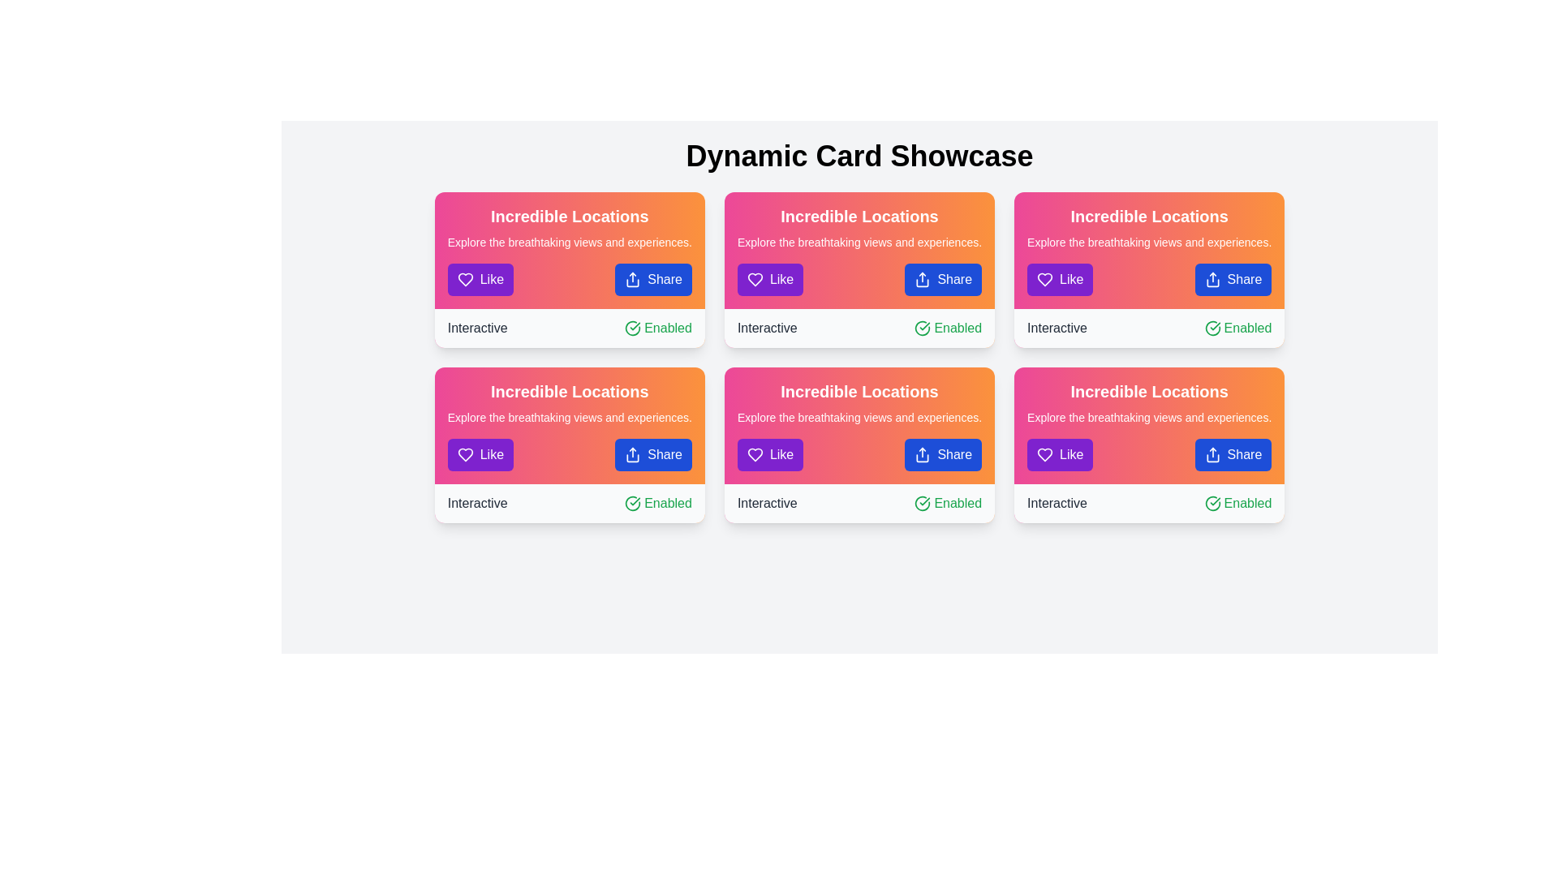 The width and height of the screenshot is (1558, 876). Describe the element at coordinates (632, 328) in the screenshot. I see `the status indicator icon located at the bottom section of the second card in the top row of a 2x3 grid layout, which indicates an active or enabled state` at that location.